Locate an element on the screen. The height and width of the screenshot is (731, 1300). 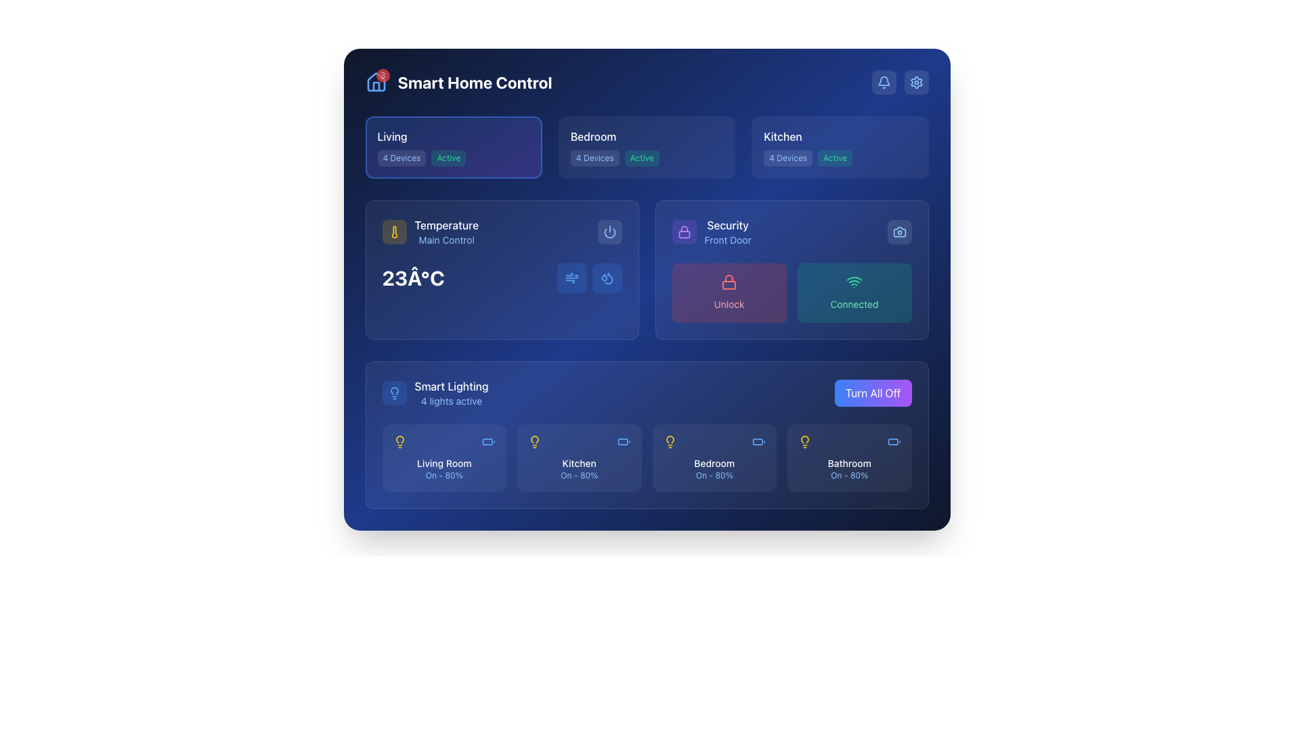
the Text label that identifies the light group in the 'Bathroom' area, located at the bottom of the respective card in the 'Smart Lighting' section is located at coordinates (848, 463).